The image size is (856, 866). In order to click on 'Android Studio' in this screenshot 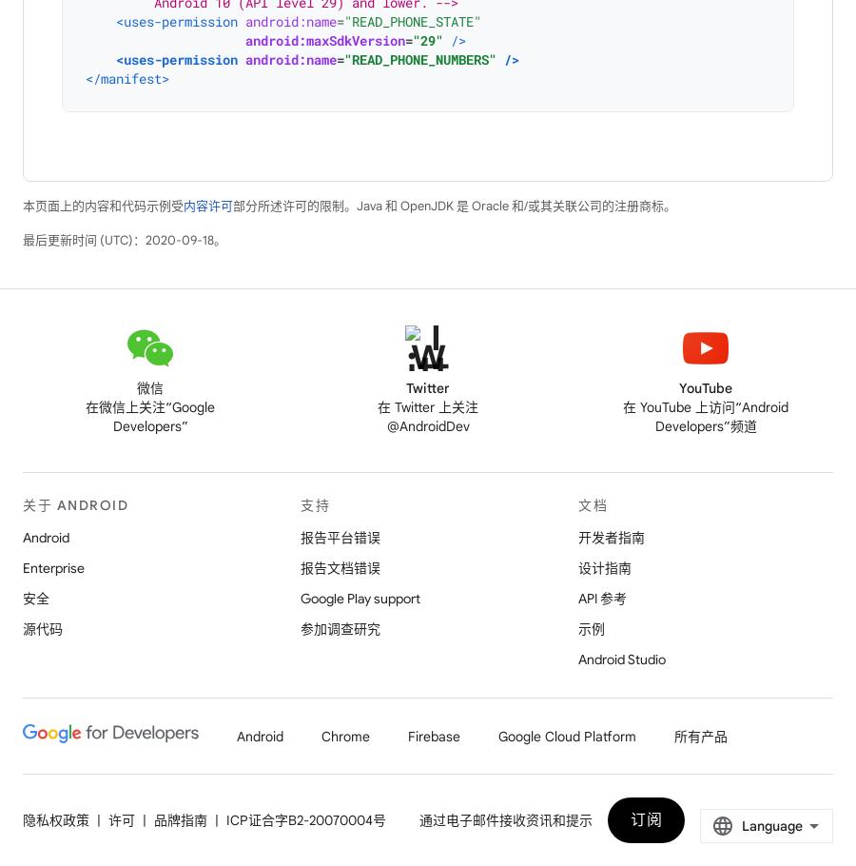, I will do `click(622, 659)`.